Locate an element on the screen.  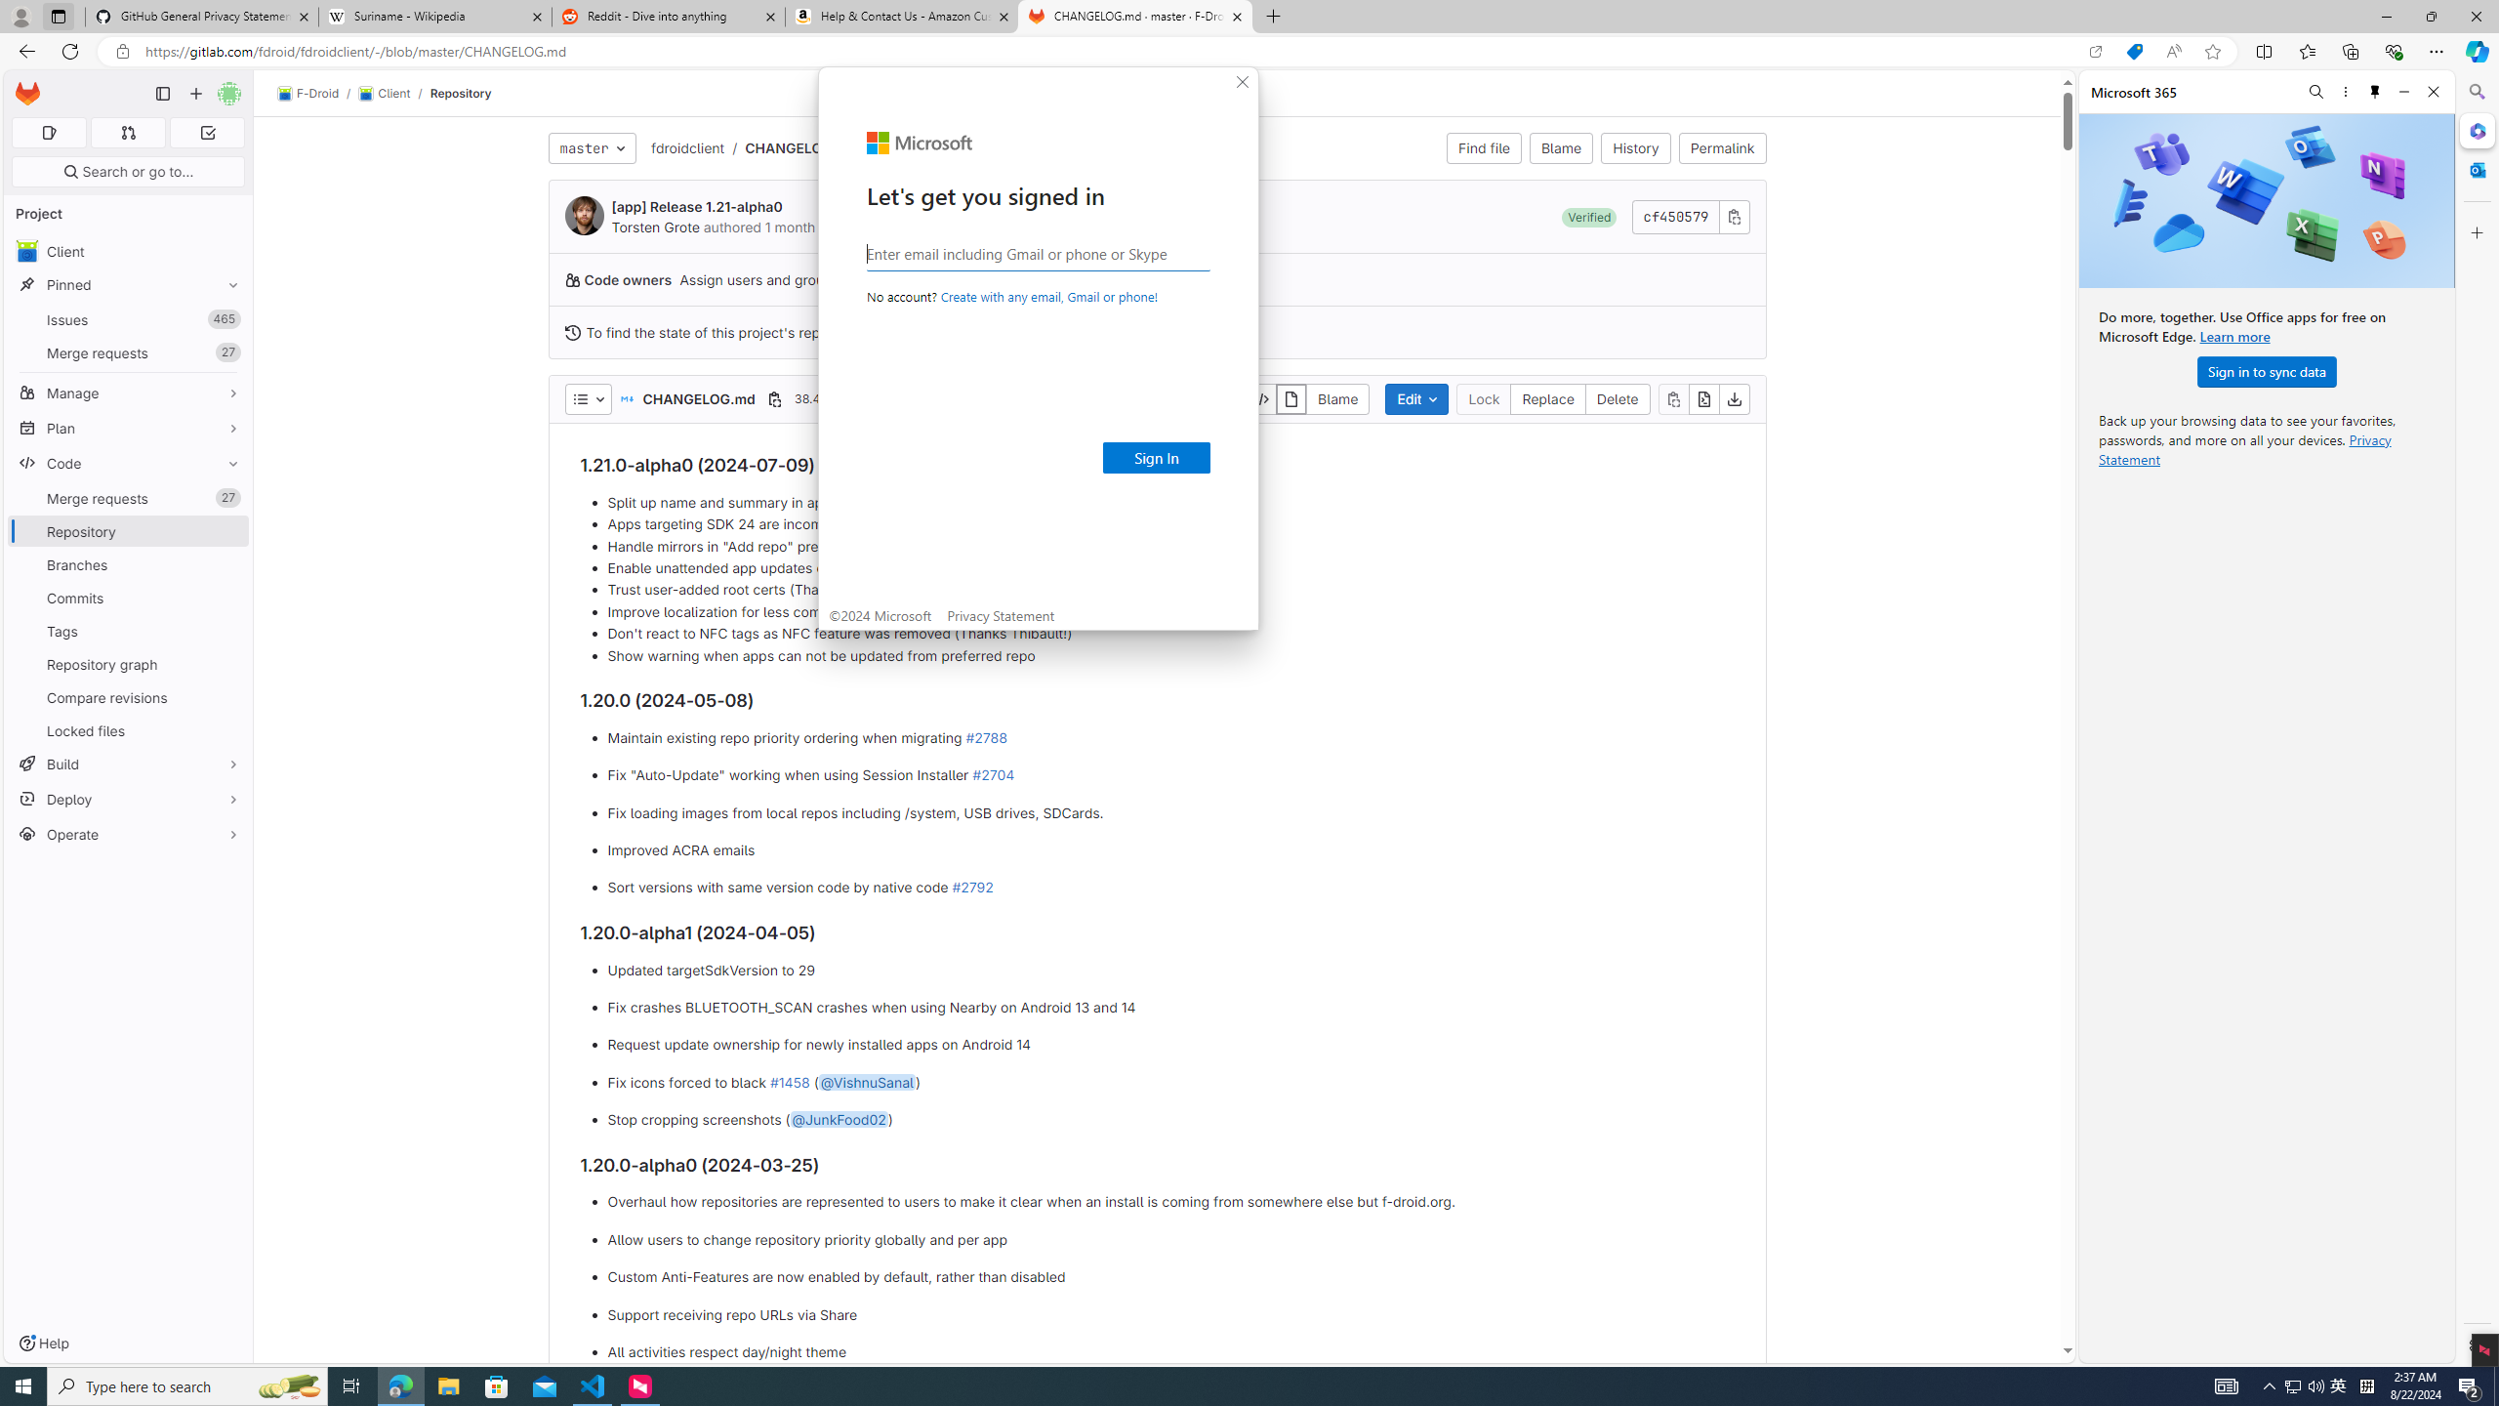
'Create with any email, Gmail or phone!' is located at coordinates (1049, 295).